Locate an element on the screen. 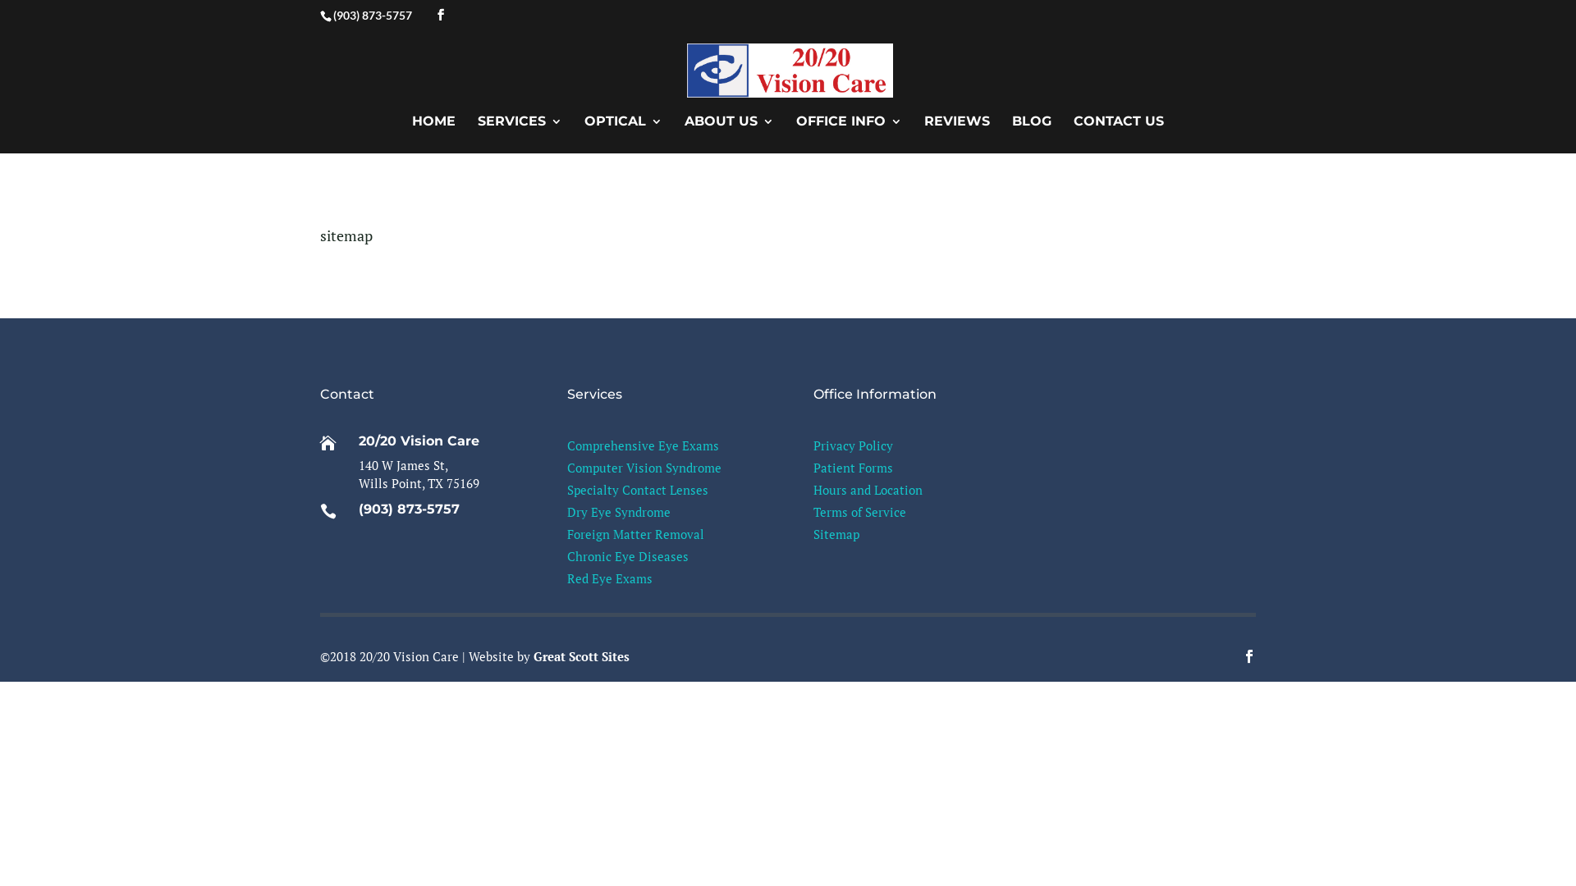 This screenshot has width=1576, height=886. 'OFFICE INFO' is located at coordinates (795, 134).